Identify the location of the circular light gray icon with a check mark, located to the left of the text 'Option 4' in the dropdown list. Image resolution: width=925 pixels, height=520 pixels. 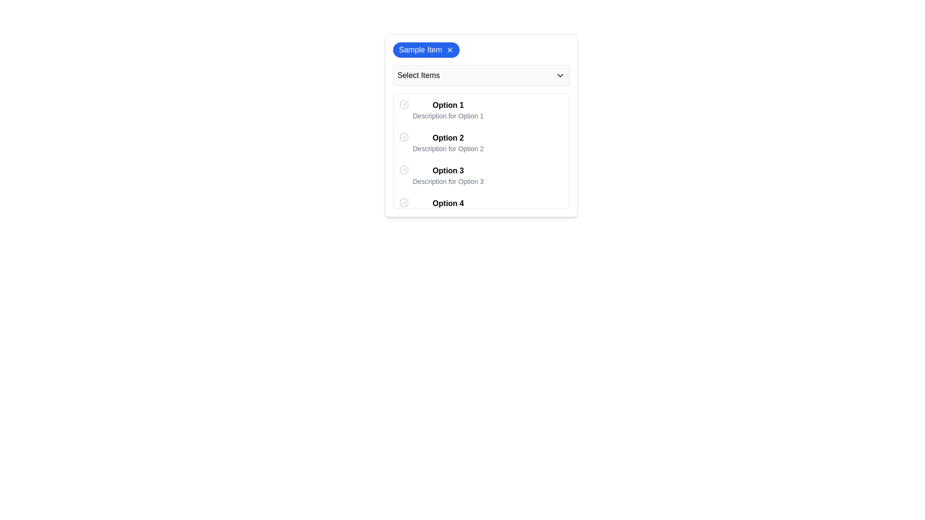
(404, 202).